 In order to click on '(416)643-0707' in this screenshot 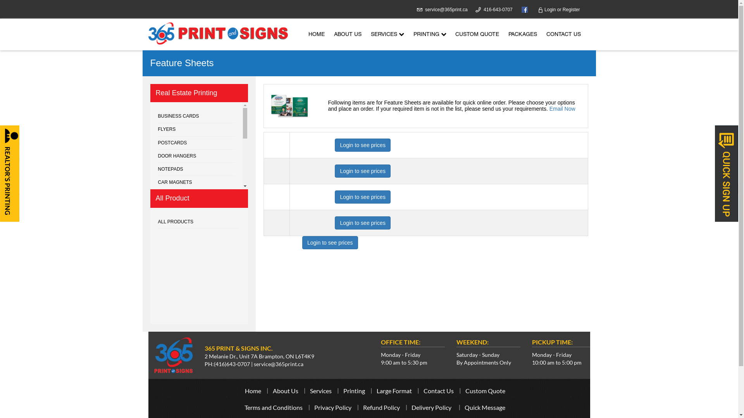, I will do `click(231, 364)`.